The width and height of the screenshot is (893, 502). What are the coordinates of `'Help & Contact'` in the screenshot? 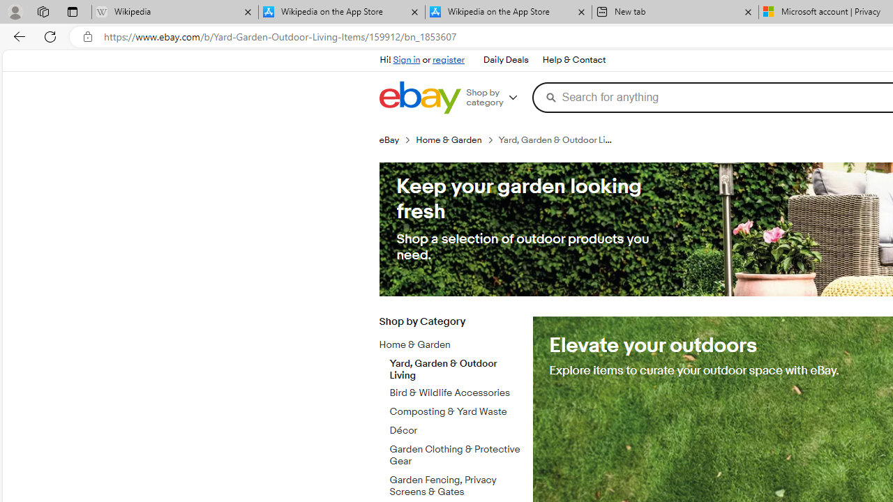 It's located at (574, 60).